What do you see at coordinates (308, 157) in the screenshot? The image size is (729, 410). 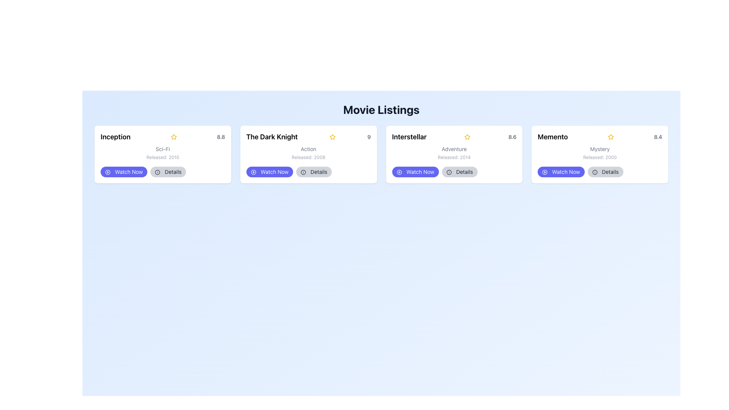 I see `the non-interactive text label displaying the release year of the movie 'The Dark Knight', located under the section 'Movie Listings' and above the action buttons 'Watch Now' and 'Details'` at bounding box center [308, 157].